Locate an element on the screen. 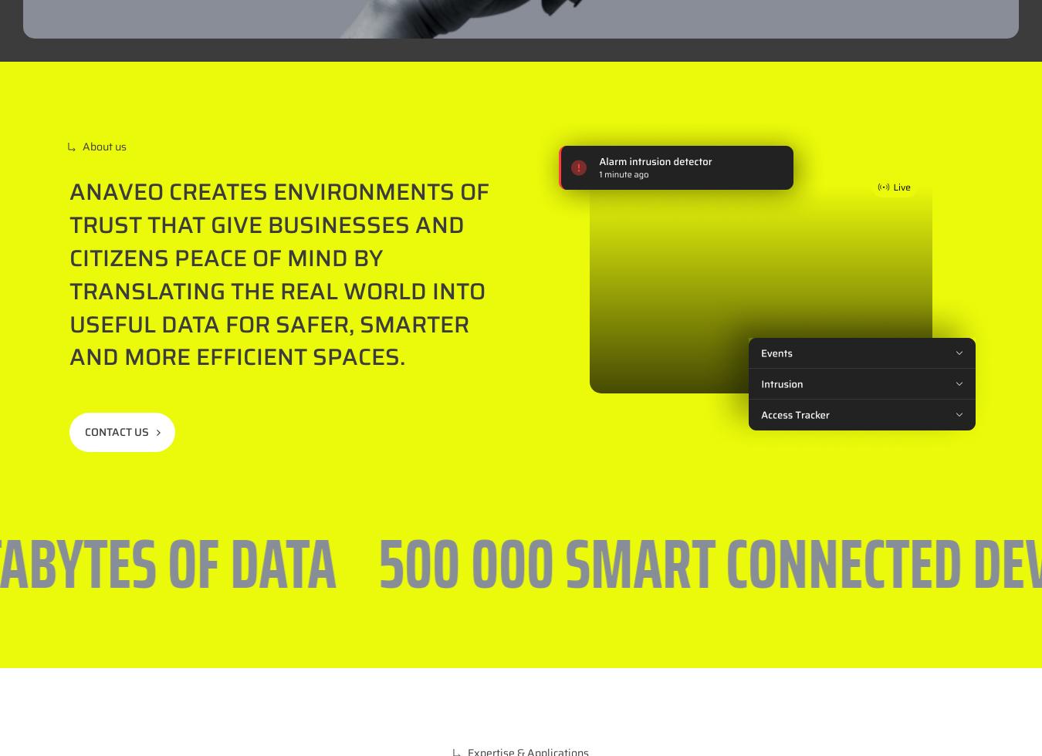 Image resolution: width=1042 pixels, height=756 pixels. 'CS69317 – 69544 Champagne au mont d’or CEDEX' is located at coordinates (695, 579).